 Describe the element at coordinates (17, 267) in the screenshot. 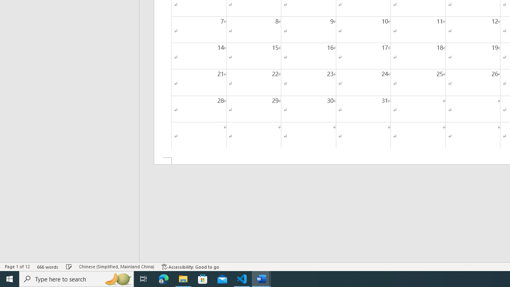

I see `'Page Number Page 1 of 12'` at that location.